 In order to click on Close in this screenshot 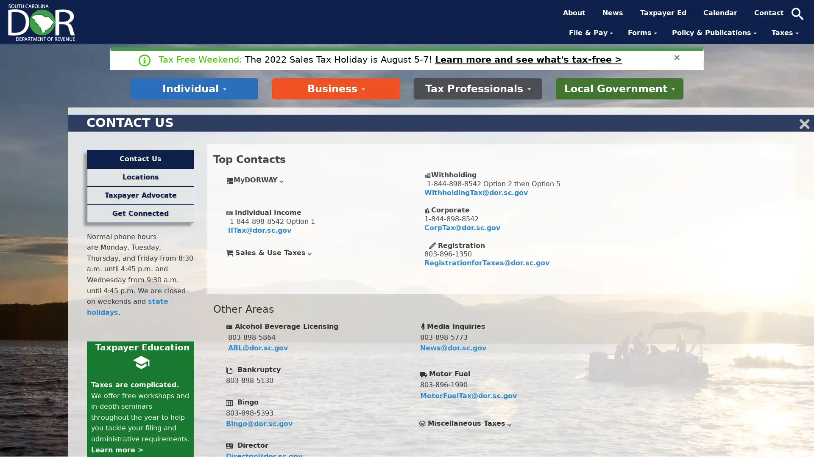, I will do `click(677, 57)`.